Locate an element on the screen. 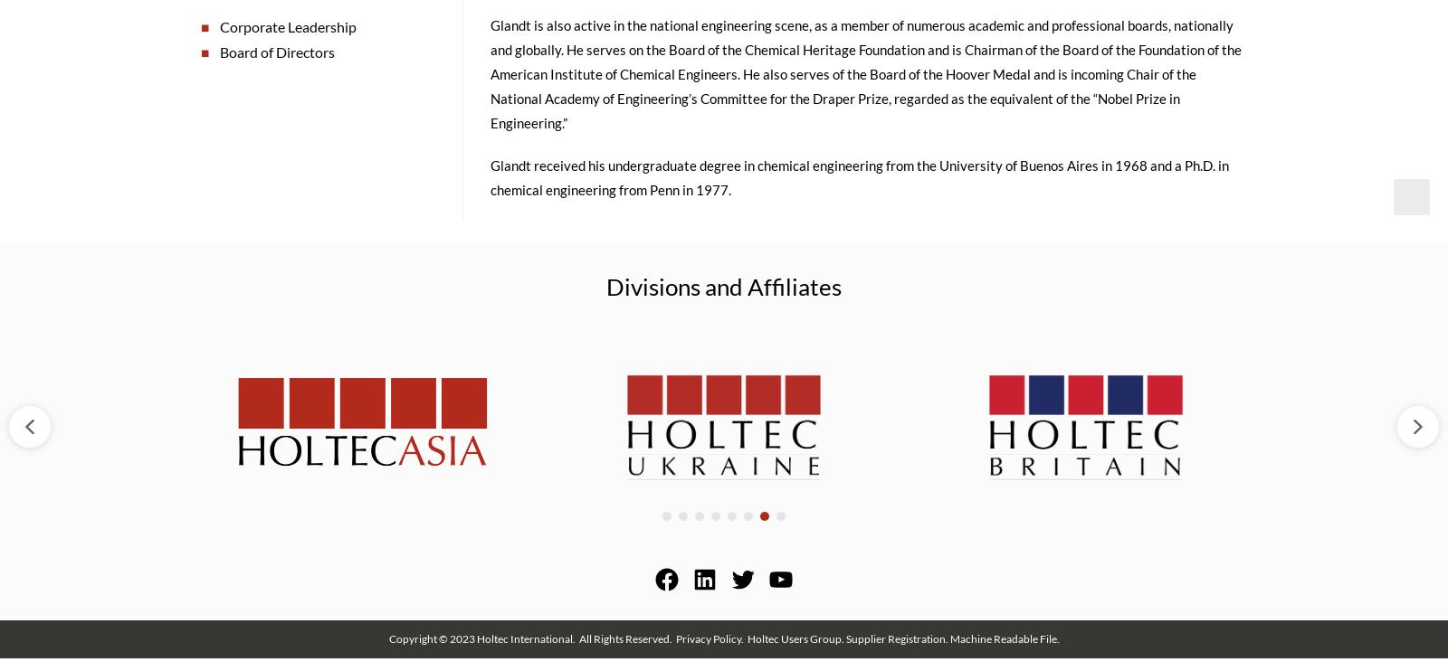 This screenshot has width=1448, height=671. 'Holtec Users Group' is located at coordinates (792, 642).